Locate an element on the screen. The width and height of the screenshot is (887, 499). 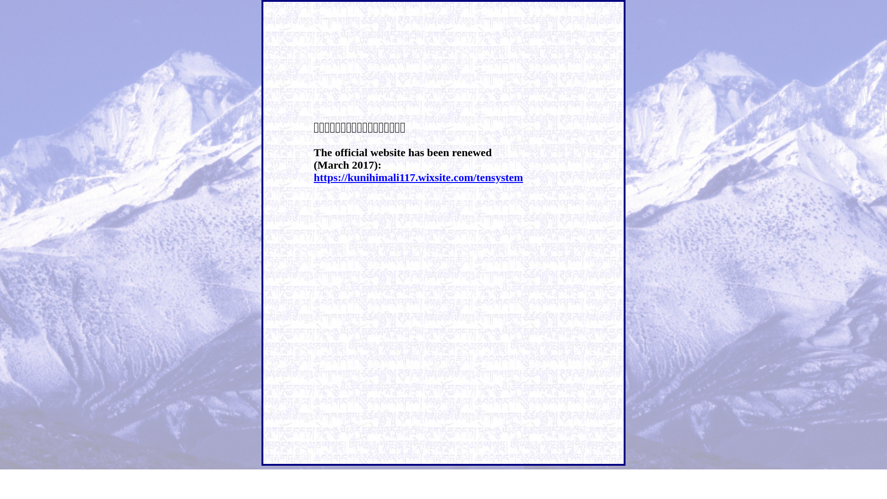
'https://kunihimali117.wixsite.com/tensystem' is located at coordinates (418, 177).